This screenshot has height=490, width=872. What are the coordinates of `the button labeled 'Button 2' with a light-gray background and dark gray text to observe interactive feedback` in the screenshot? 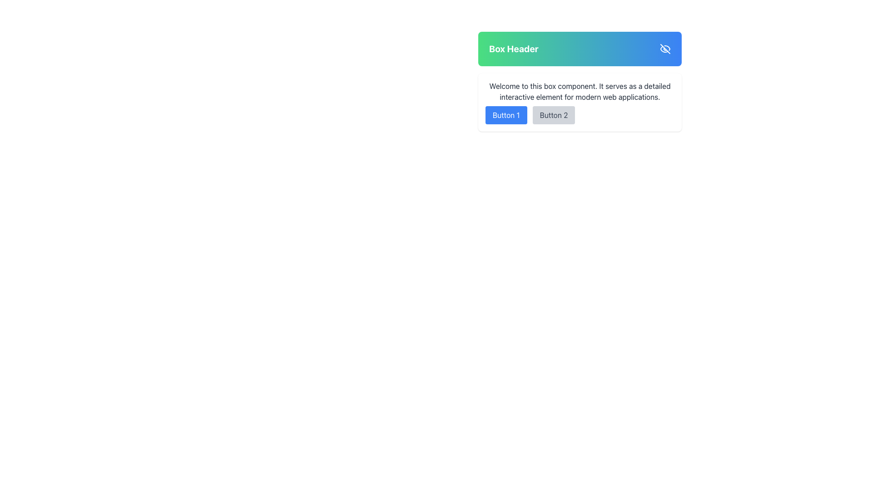 It's located at (553, 115).